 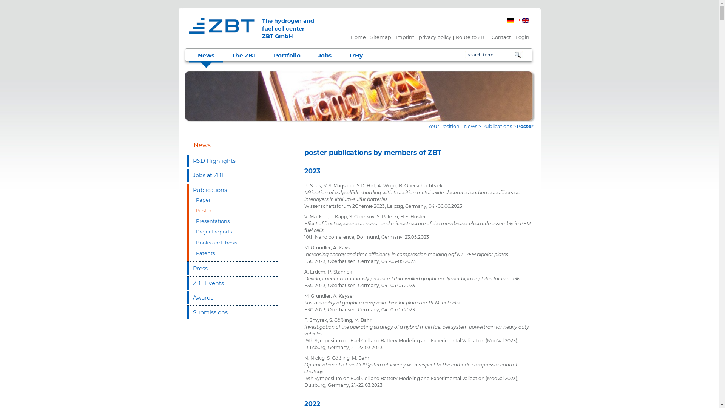 I want to click on 'English', so click(x=525, y=20).